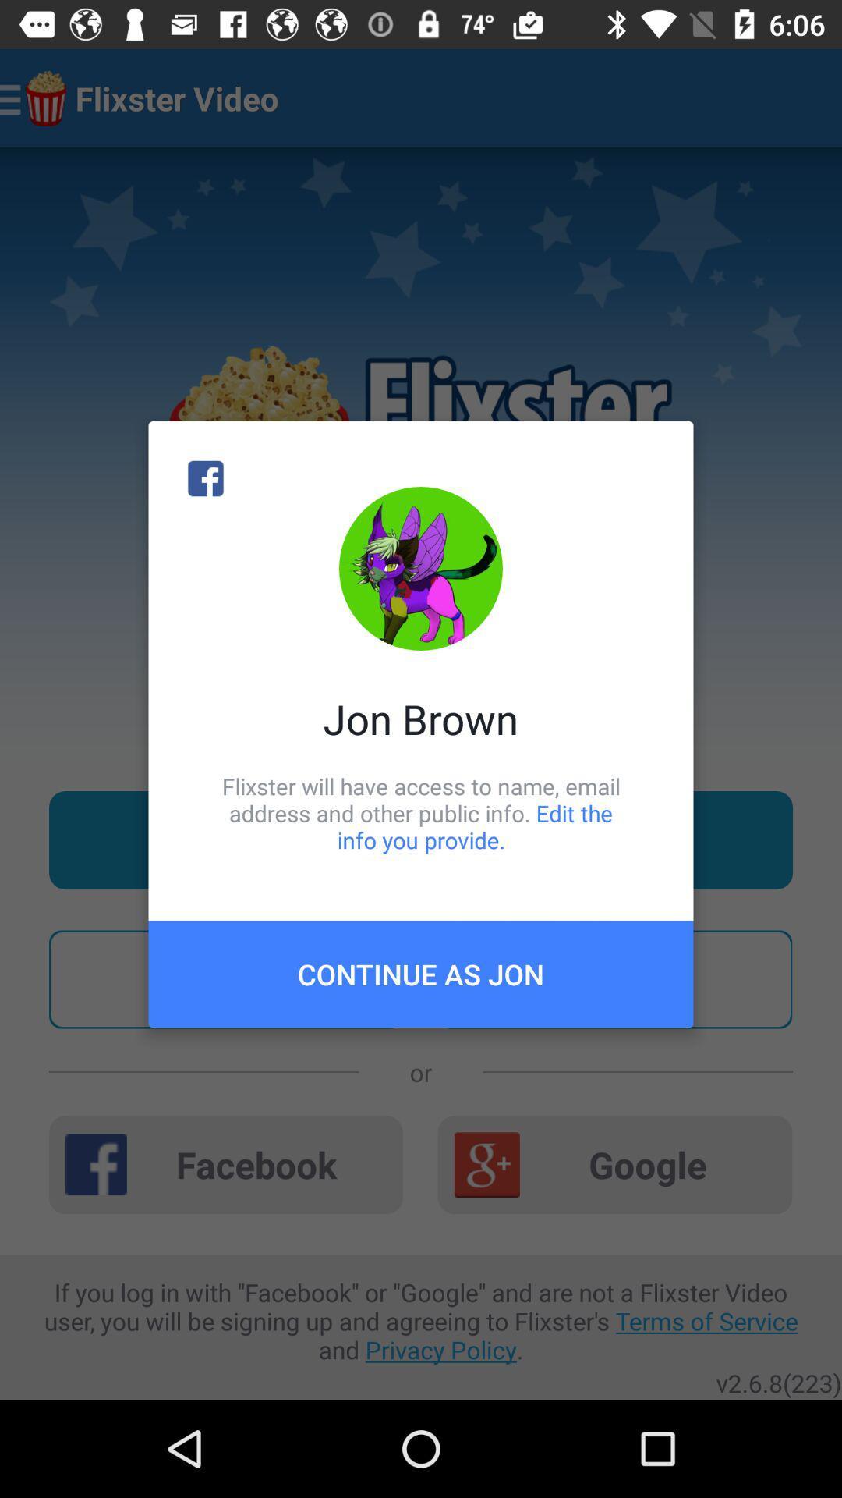 This screenshot has width=842, height=1498. Describe the element at coordinates (421, 973) in the screenshot. I see `continue as jon item` at that location.